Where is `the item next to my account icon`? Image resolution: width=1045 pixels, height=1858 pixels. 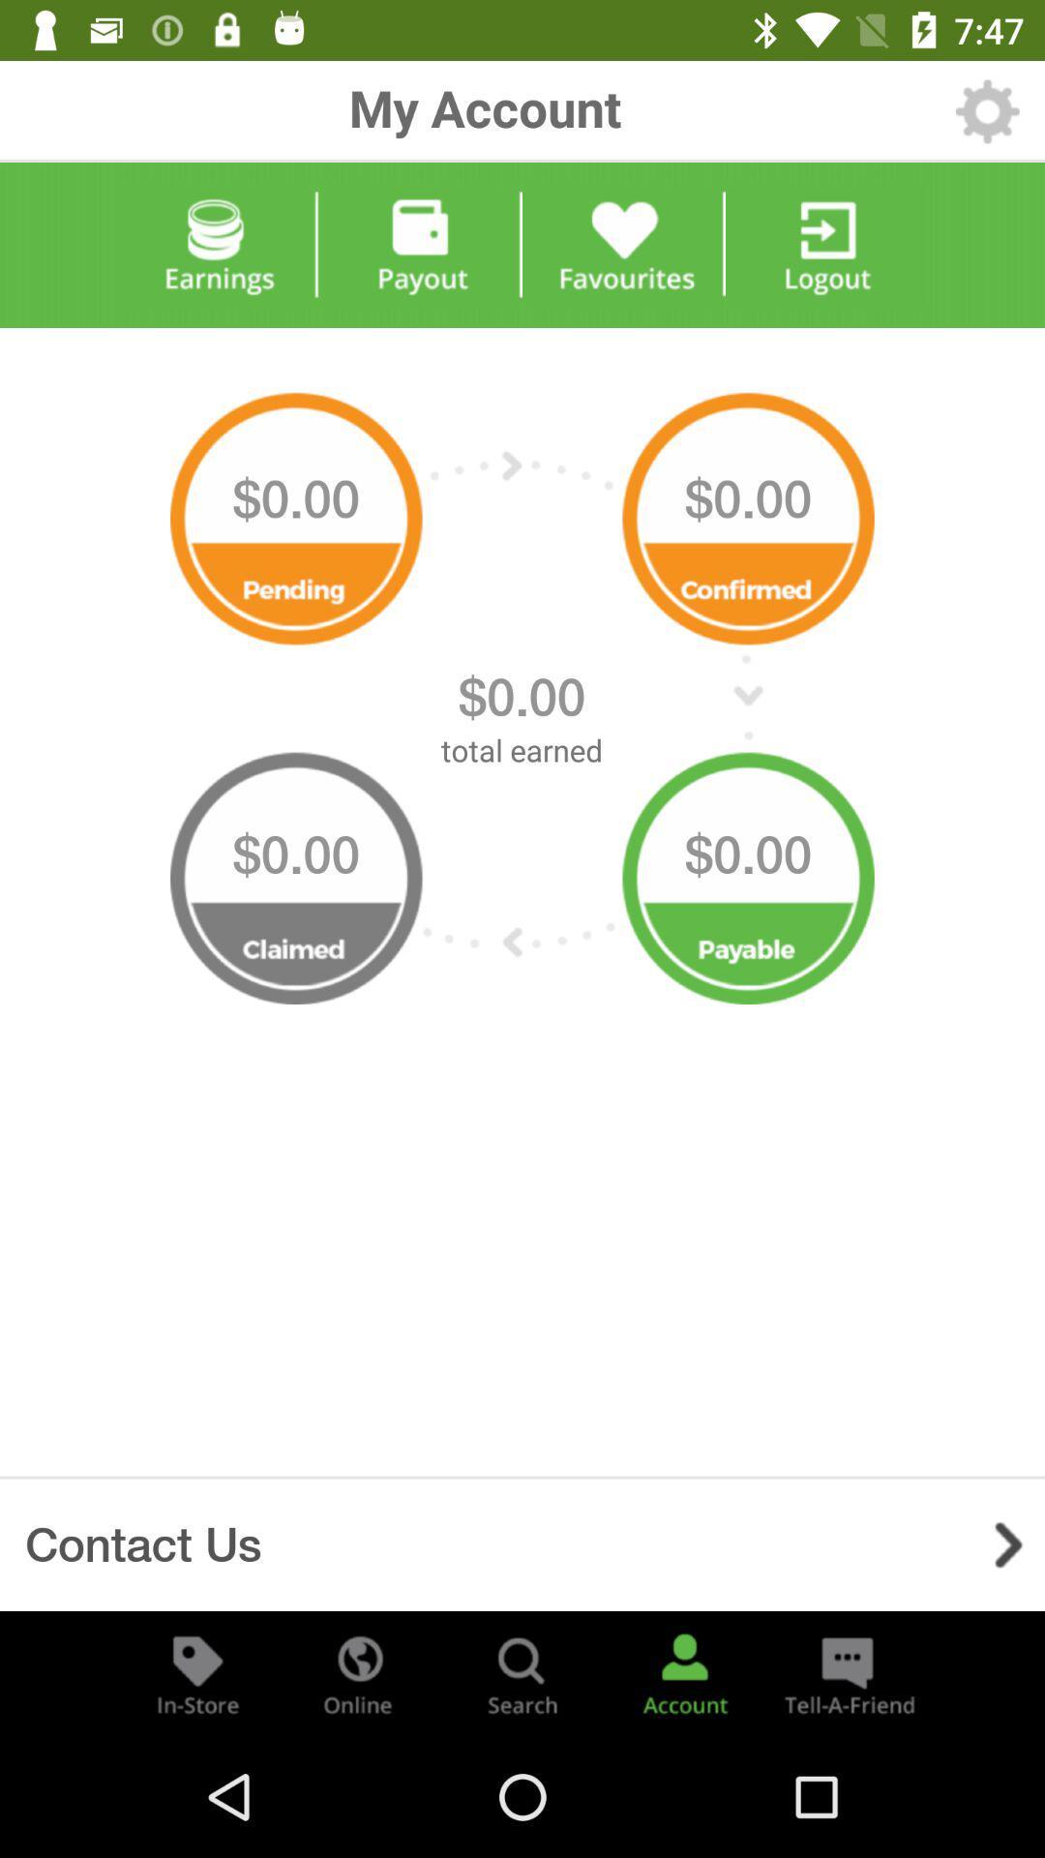
the item next to my account icon is located at coordinates (987, 110).